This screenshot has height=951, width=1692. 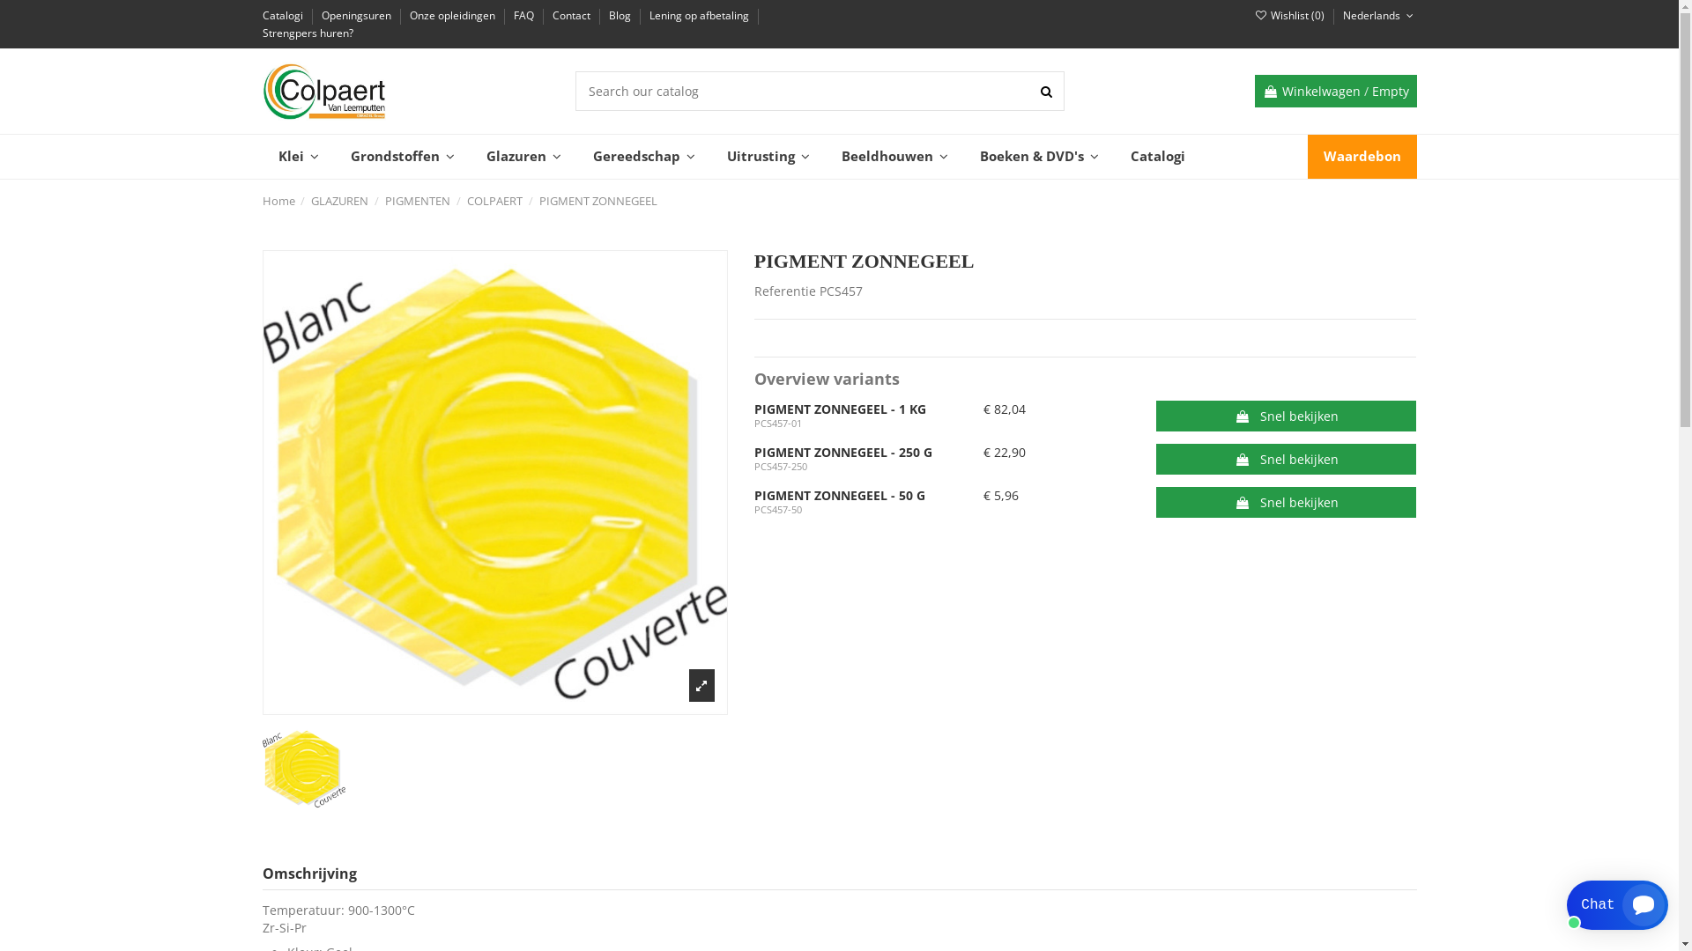 What do you see at coordinates (1378, 15) in the screenshot?
I see `'Nederlands'` at bounding box center [1378, 15].